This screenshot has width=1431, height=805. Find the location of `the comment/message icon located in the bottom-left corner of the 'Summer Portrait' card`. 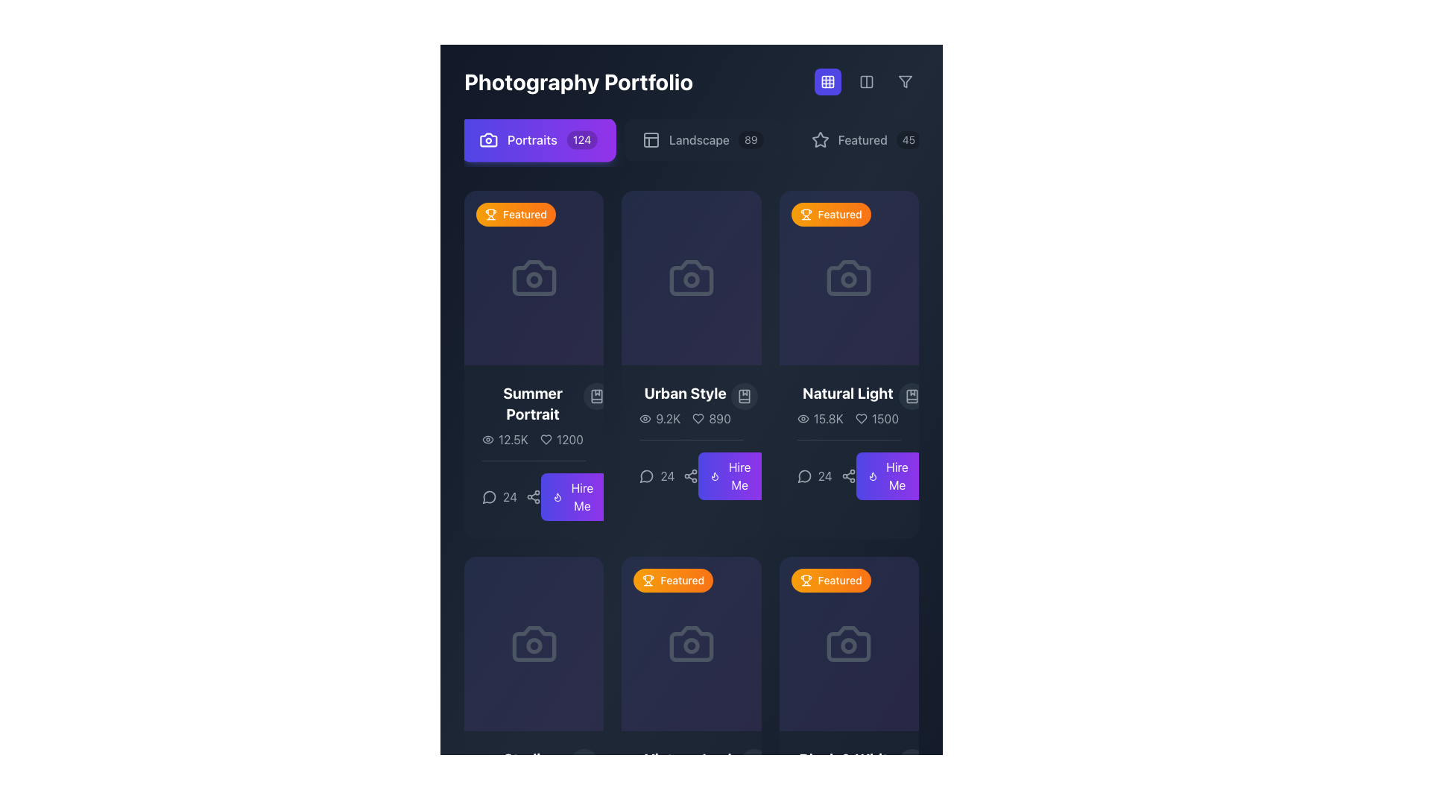

the comment/message icon located in the bottom-left corner of the 'Summer Portrait' card is located at coordinates (489, 497).